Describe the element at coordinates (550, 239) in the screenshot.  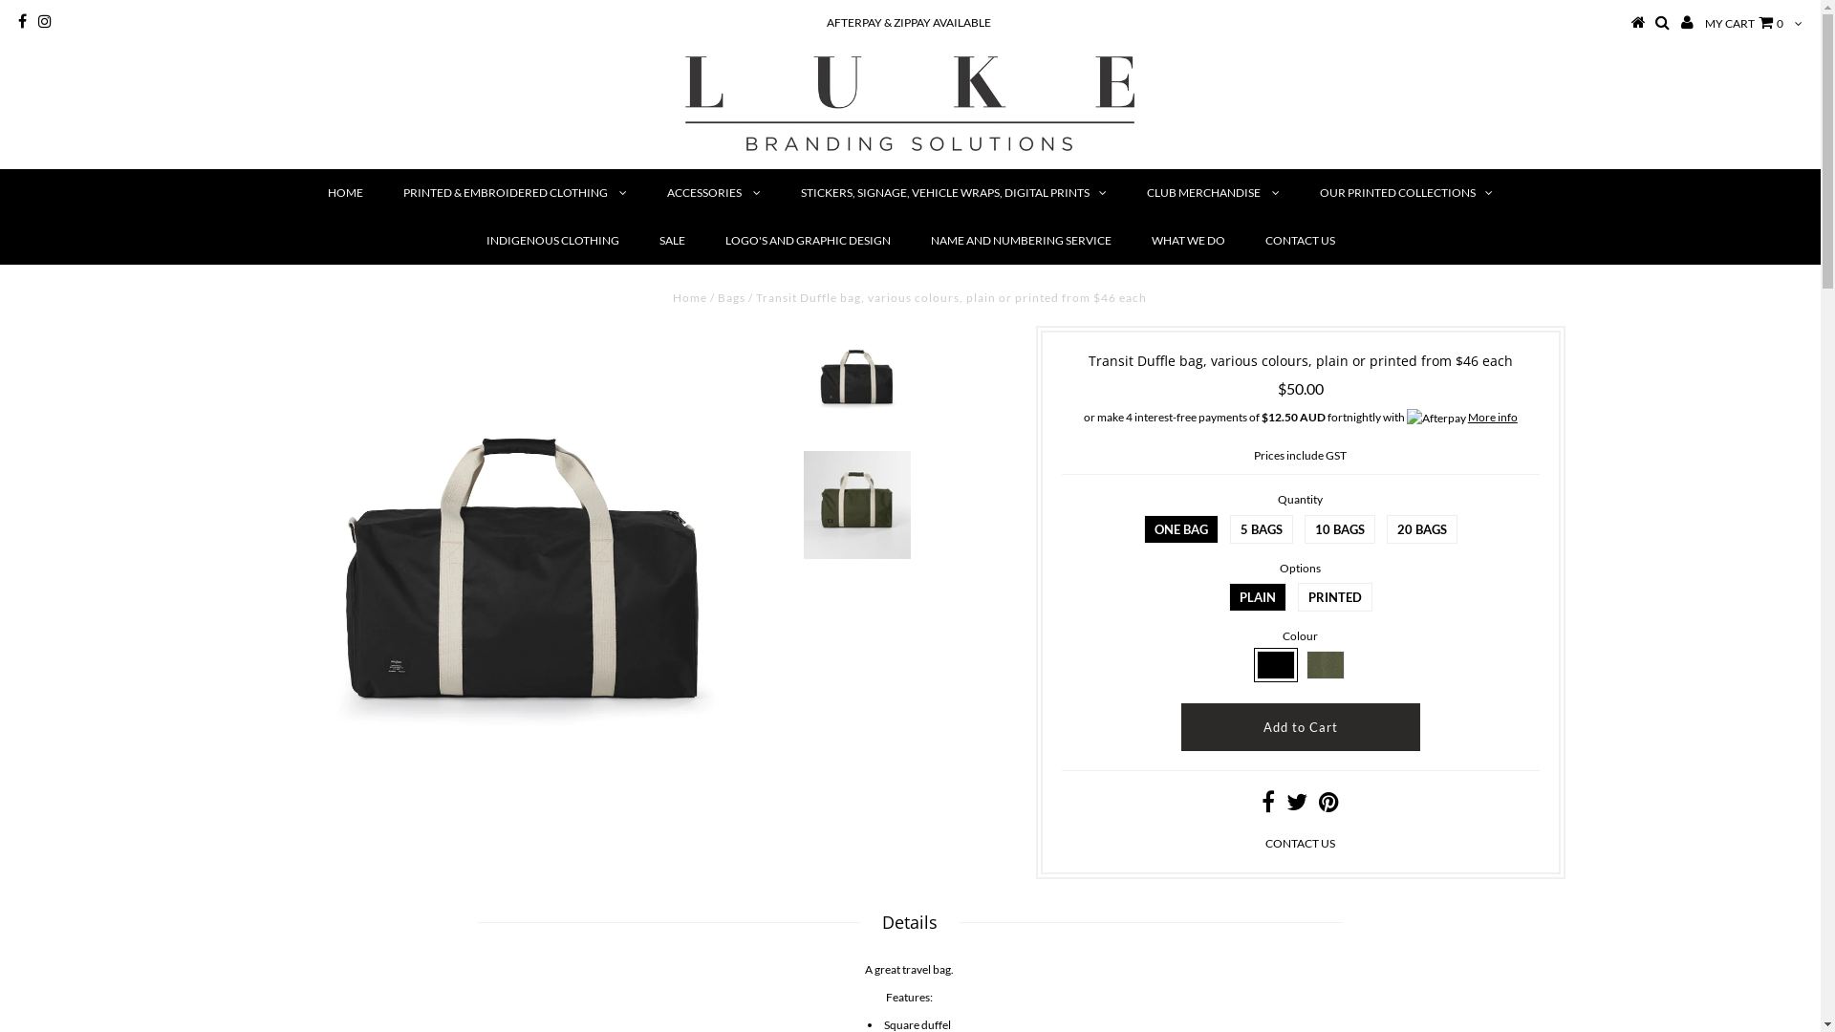
I see `'INDIGENOUS CLOTHING'` at that location.